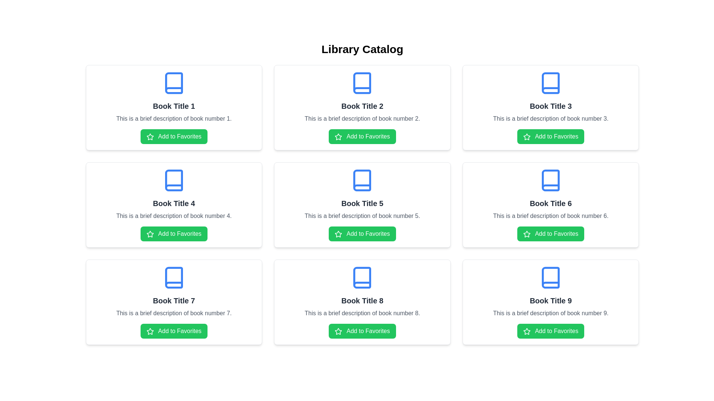 The image size is (714, 401). I want to click on the star icon representing the 'Add to Favorites' action located within the button labeled 'Add to Favorites' for 'Book Title 6', so click(527, 234).